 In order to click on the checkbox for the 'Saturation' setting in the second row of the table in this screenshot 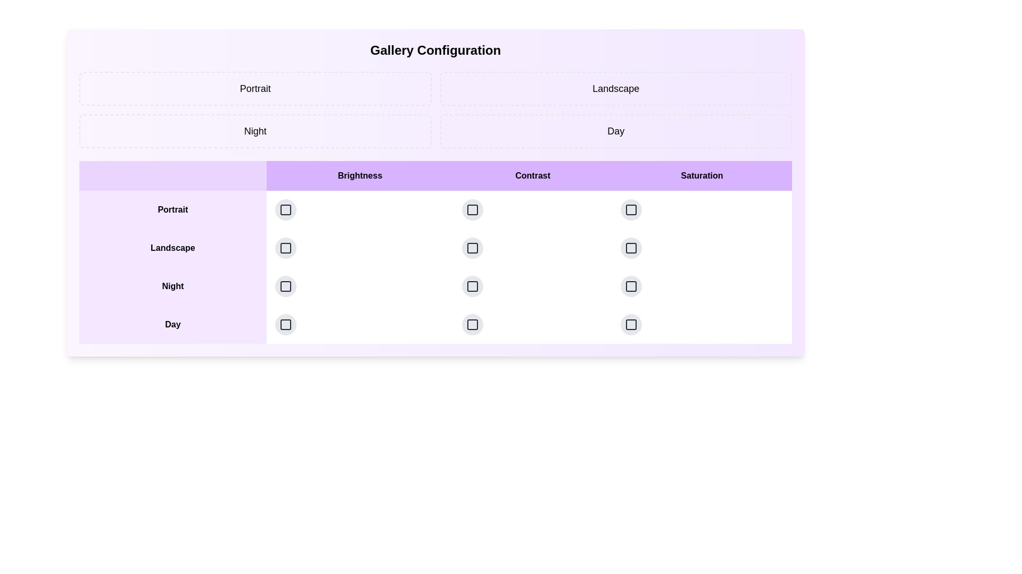, I will do `click(631, 209)`.